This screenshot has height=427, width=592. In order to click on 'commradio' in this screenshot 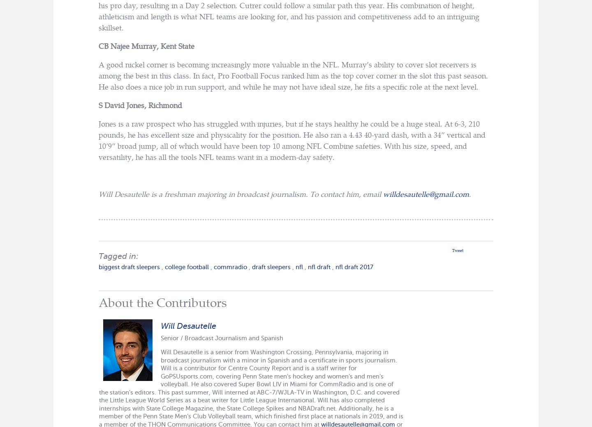, I will do `click(230, 267)`.